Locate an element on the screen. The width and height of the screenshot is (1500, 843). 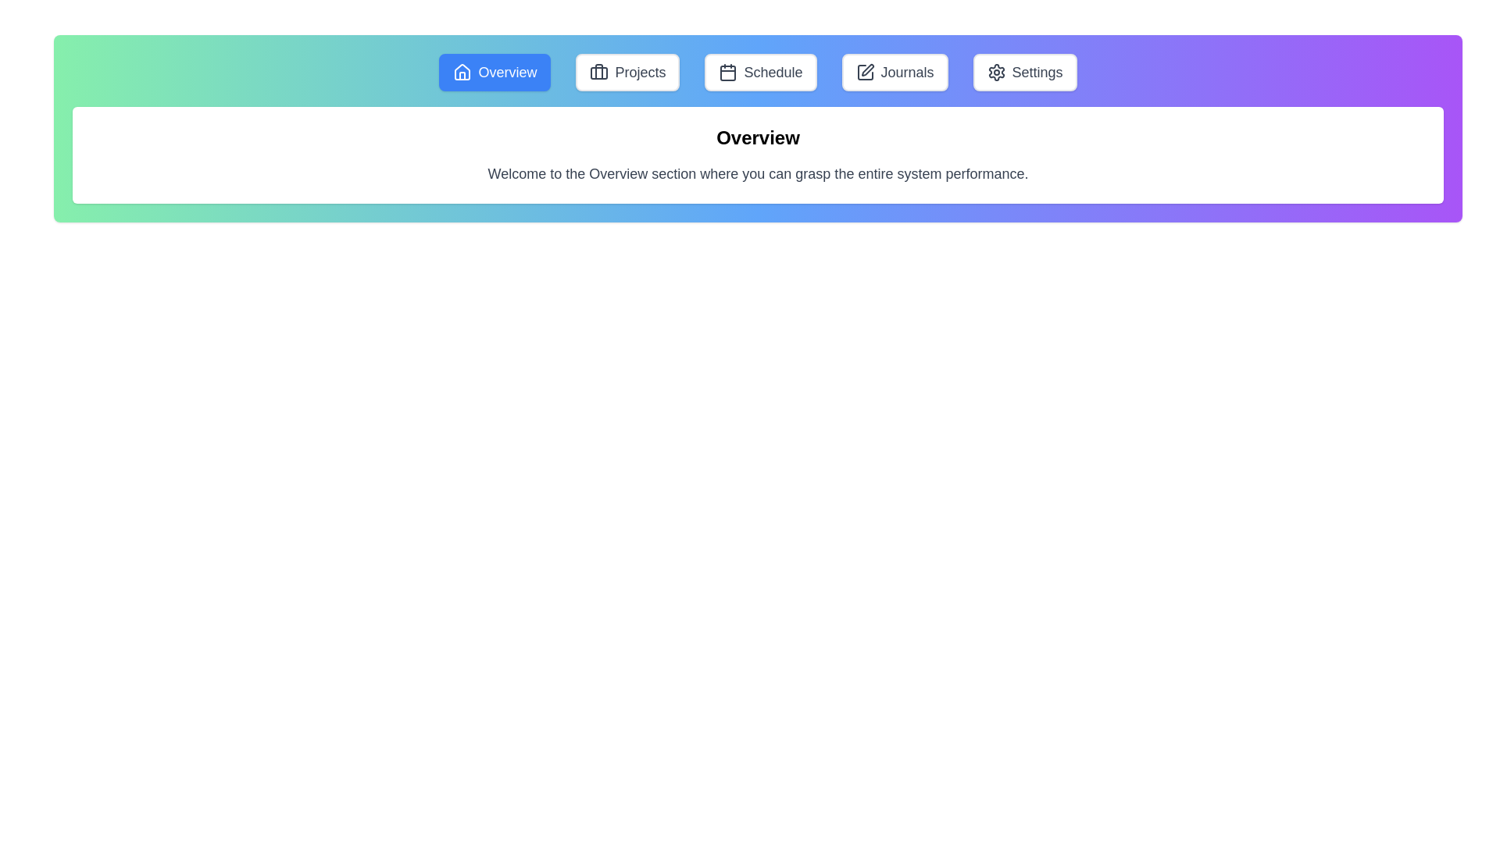
the navigation button for 'Journals', which is the fourth button in the row is located at coordinates (895, 72).